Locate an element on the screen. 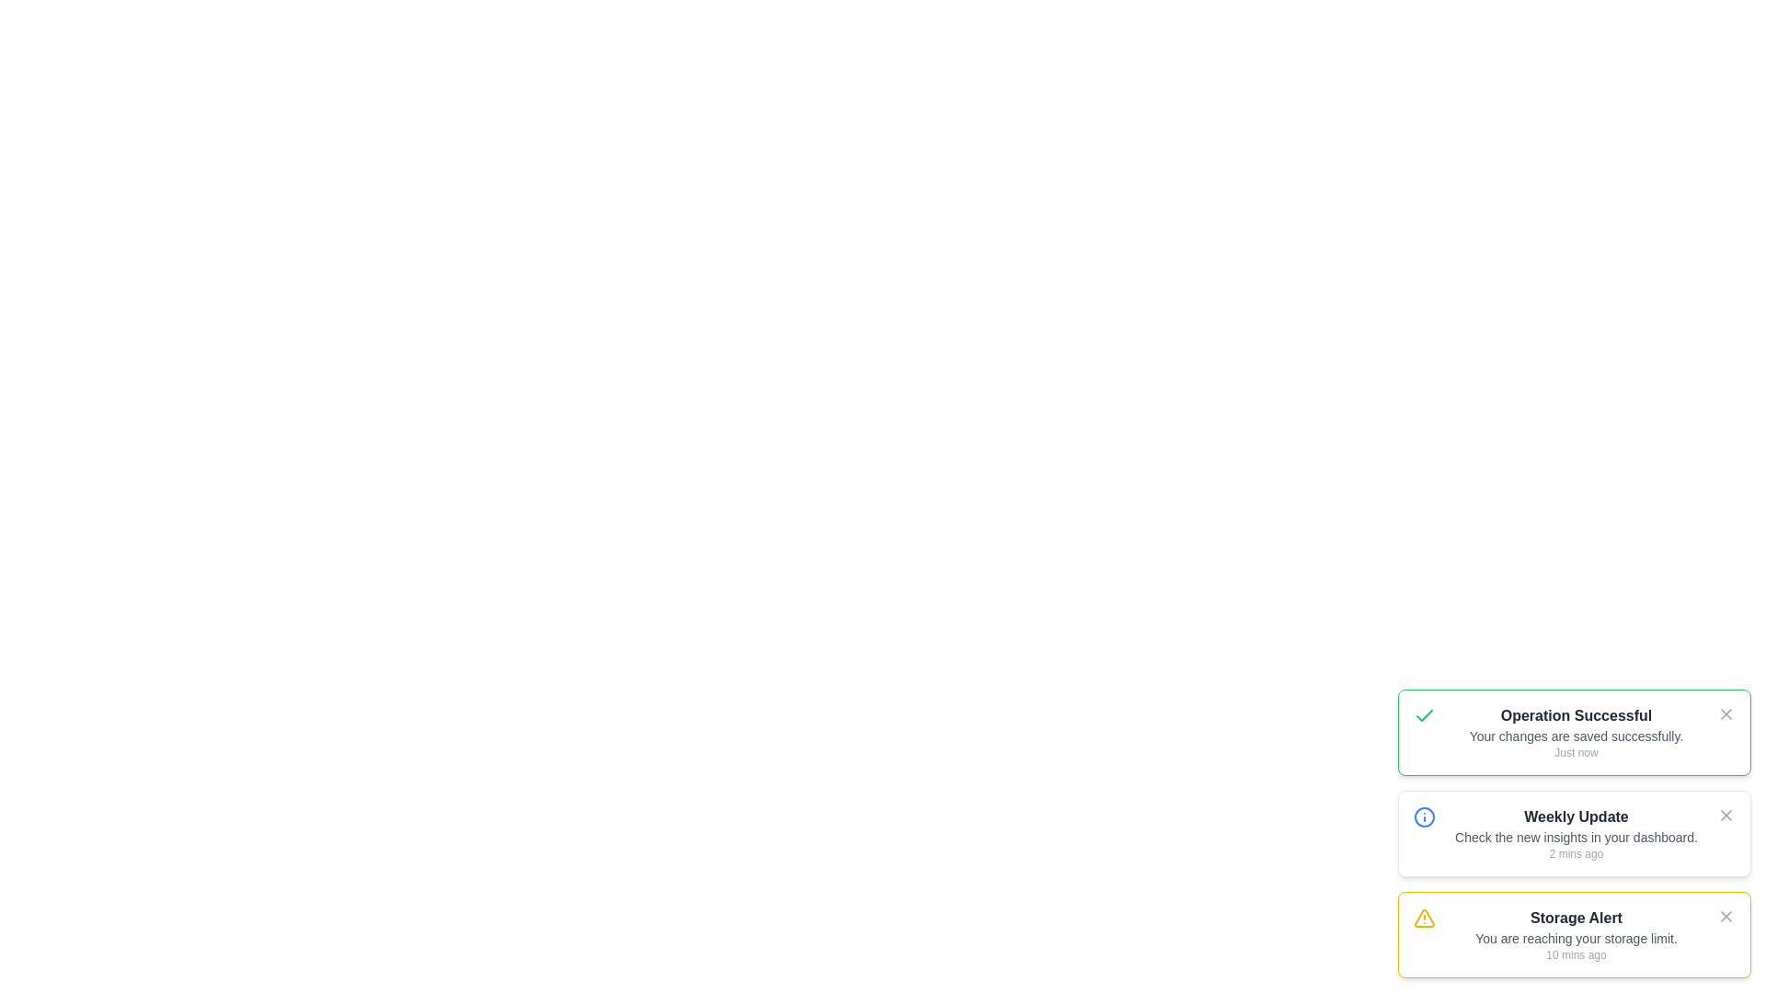  the timestamp Text label located in the last line of the notification box titled 'Operation Successful', which indicates when the notification was generated is located at coordinates (1575, 752).